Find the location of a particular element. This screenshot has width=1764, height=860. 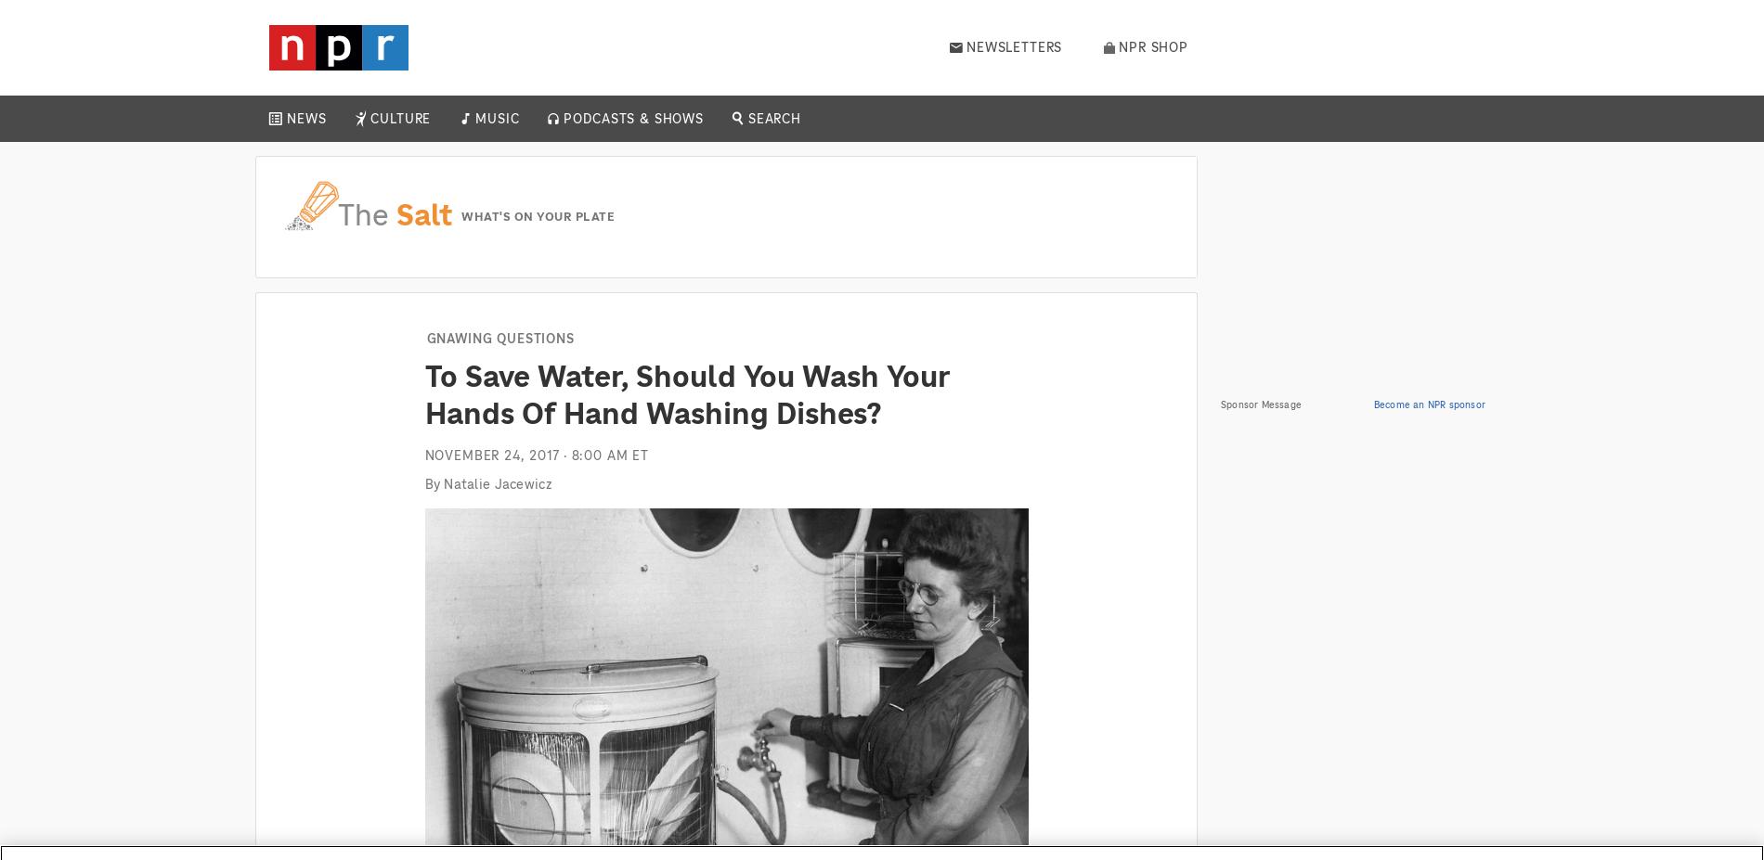

'Food' is located at coordinates (394, 261).